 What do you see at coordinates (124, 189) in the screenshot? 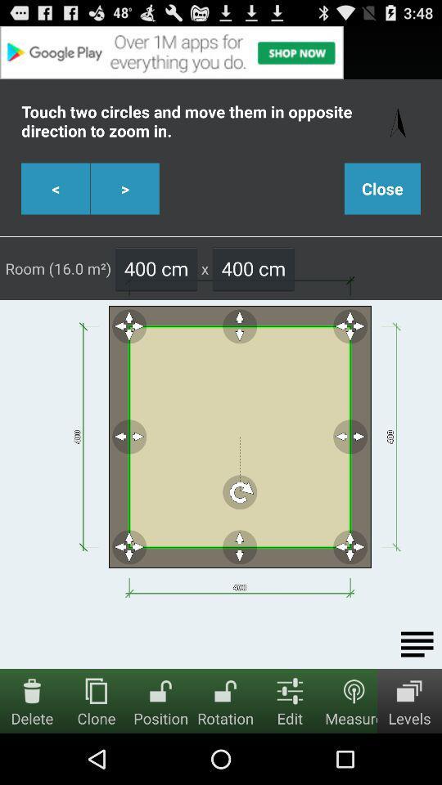
I see `the right scroll button` at bounding box center [124, 189].